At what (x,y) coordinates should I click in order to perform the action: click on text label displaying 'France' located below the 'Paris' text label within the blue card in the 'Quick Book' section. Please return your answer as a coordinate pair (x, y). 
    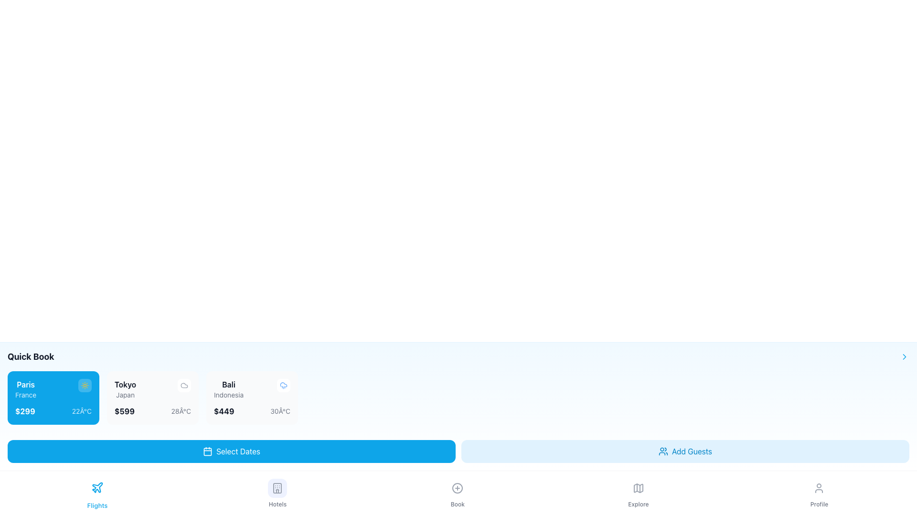
    Looking at the image, I should click on (26, 395).